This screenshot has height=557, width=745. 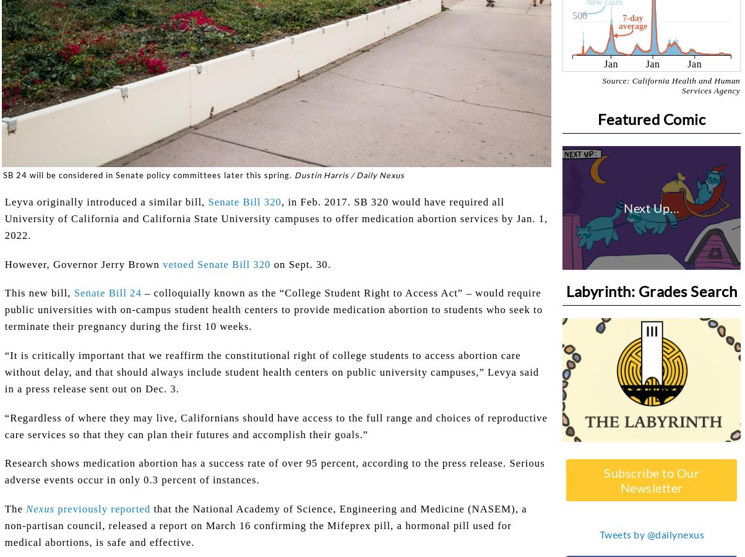 What do you see at coordinates (270, 264) in the screenshot?
I see `'on Sept. 30.'` at bounding box center [270, 264].